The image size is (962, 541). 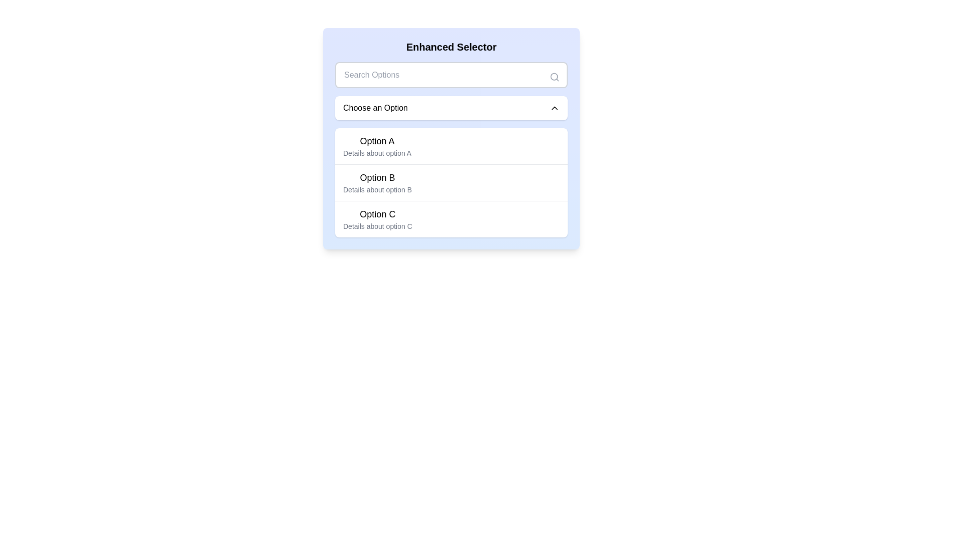 What do you see at coordinates (377, 226) in the screenshot?
I see `text of the Text Label displaying 'Details about option C,' which is positioned below 'Option C' in the structured layout` at bounding box center [377, 226].